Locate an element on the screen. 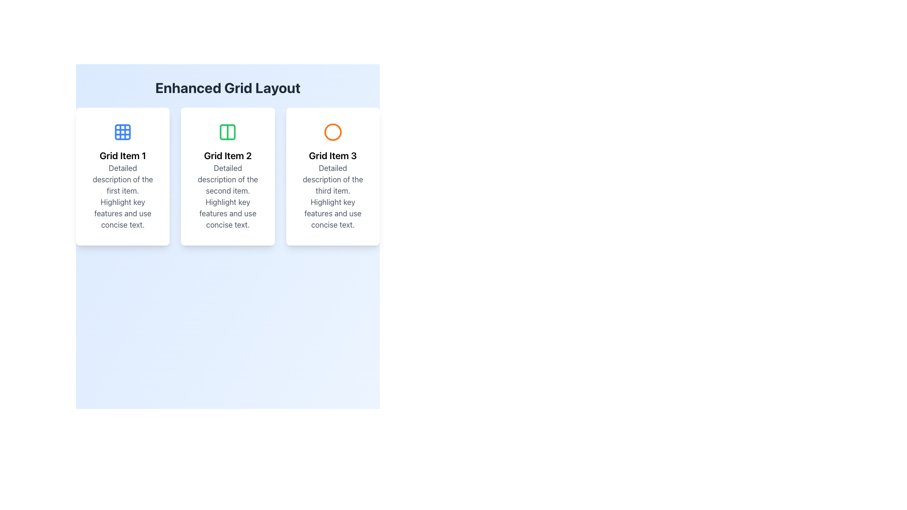  the circular graphical icon with an orange border and white fill located inside 'Grid Item 3' in the third card of the horizontal layout is located at coordinates (333, 132).